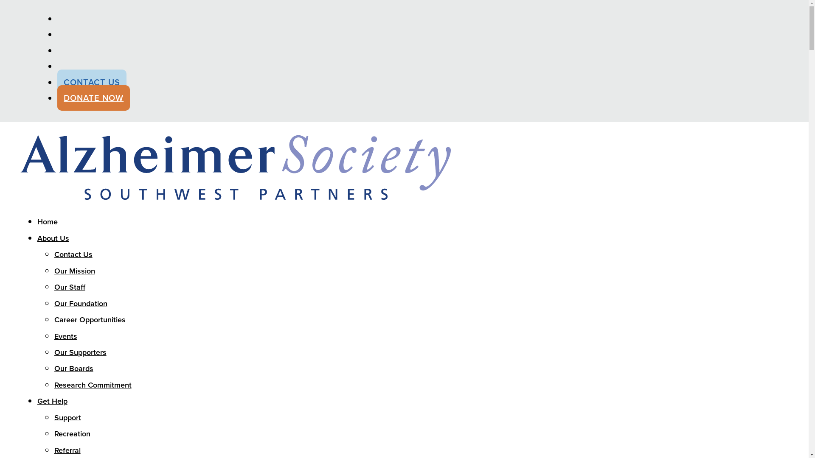 This screenshot has width=815, height=458. What do you see at coordinates (54, 368) in the screenshot?
I see `'Our Boards'` at bounding box center [54, 368].